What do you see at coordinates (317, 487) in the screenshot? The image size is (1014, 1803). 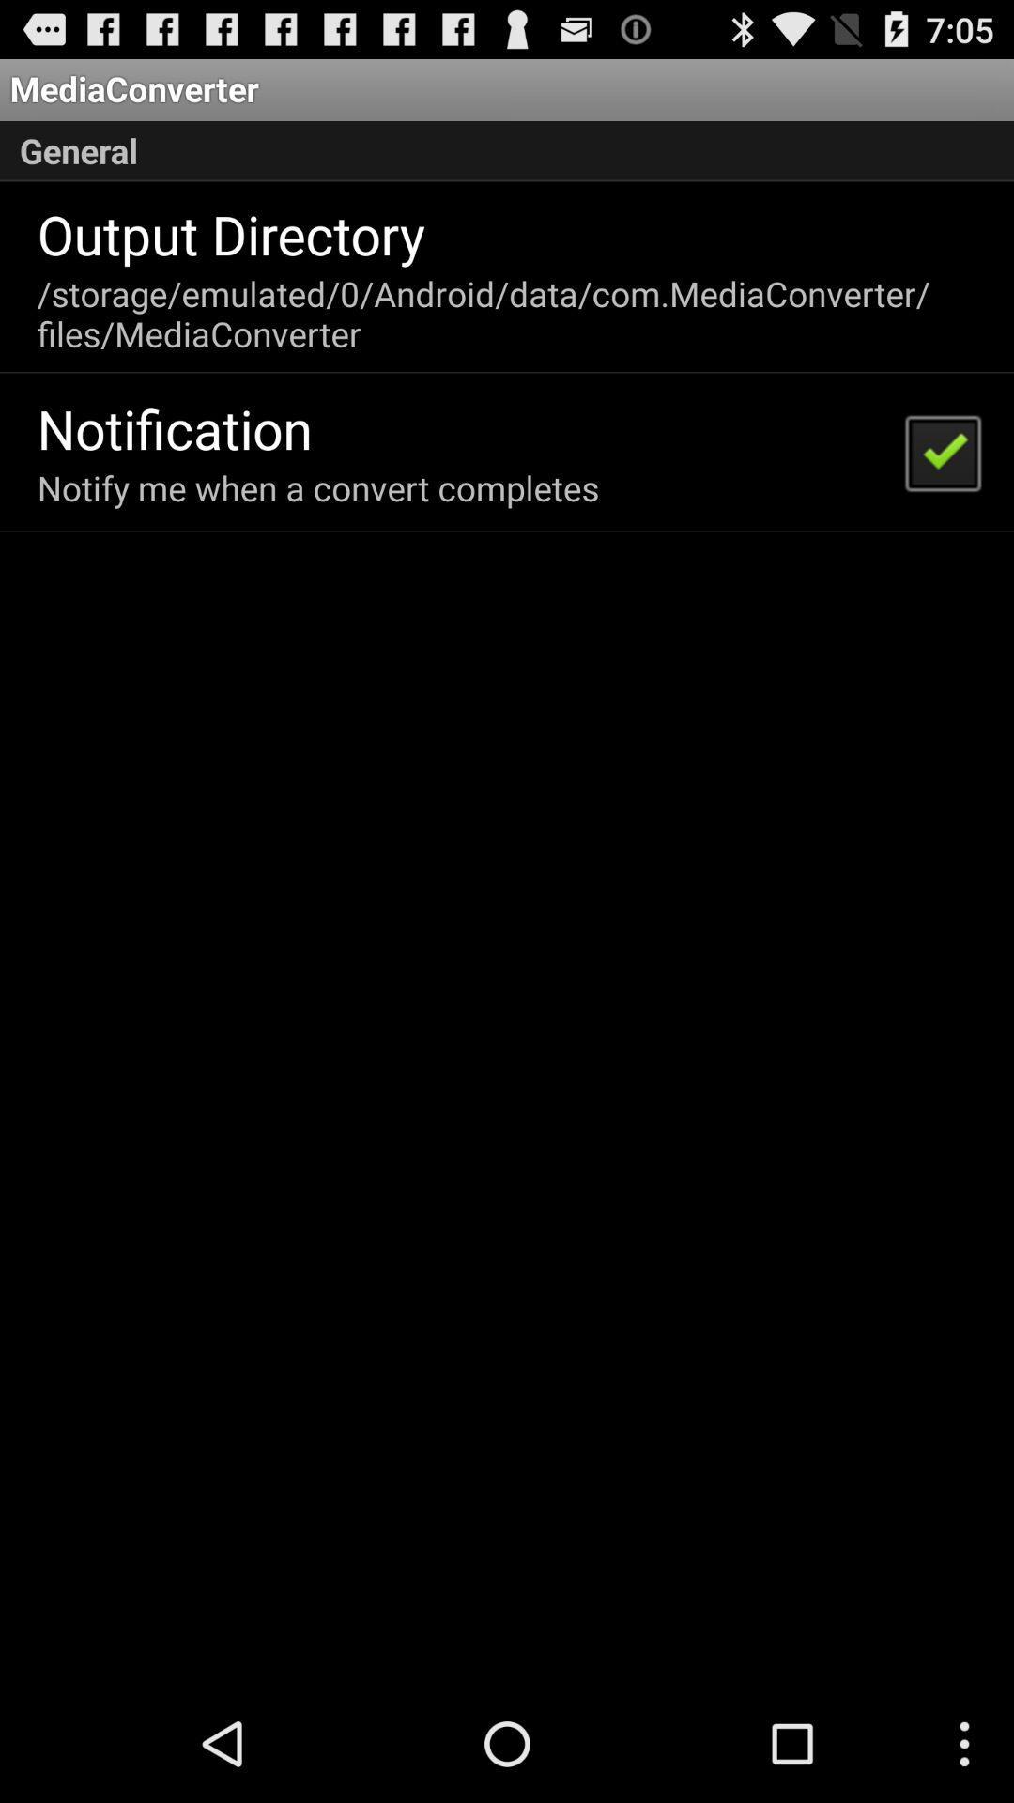 I see `notify me when icon` at bounding box center [317, 487].